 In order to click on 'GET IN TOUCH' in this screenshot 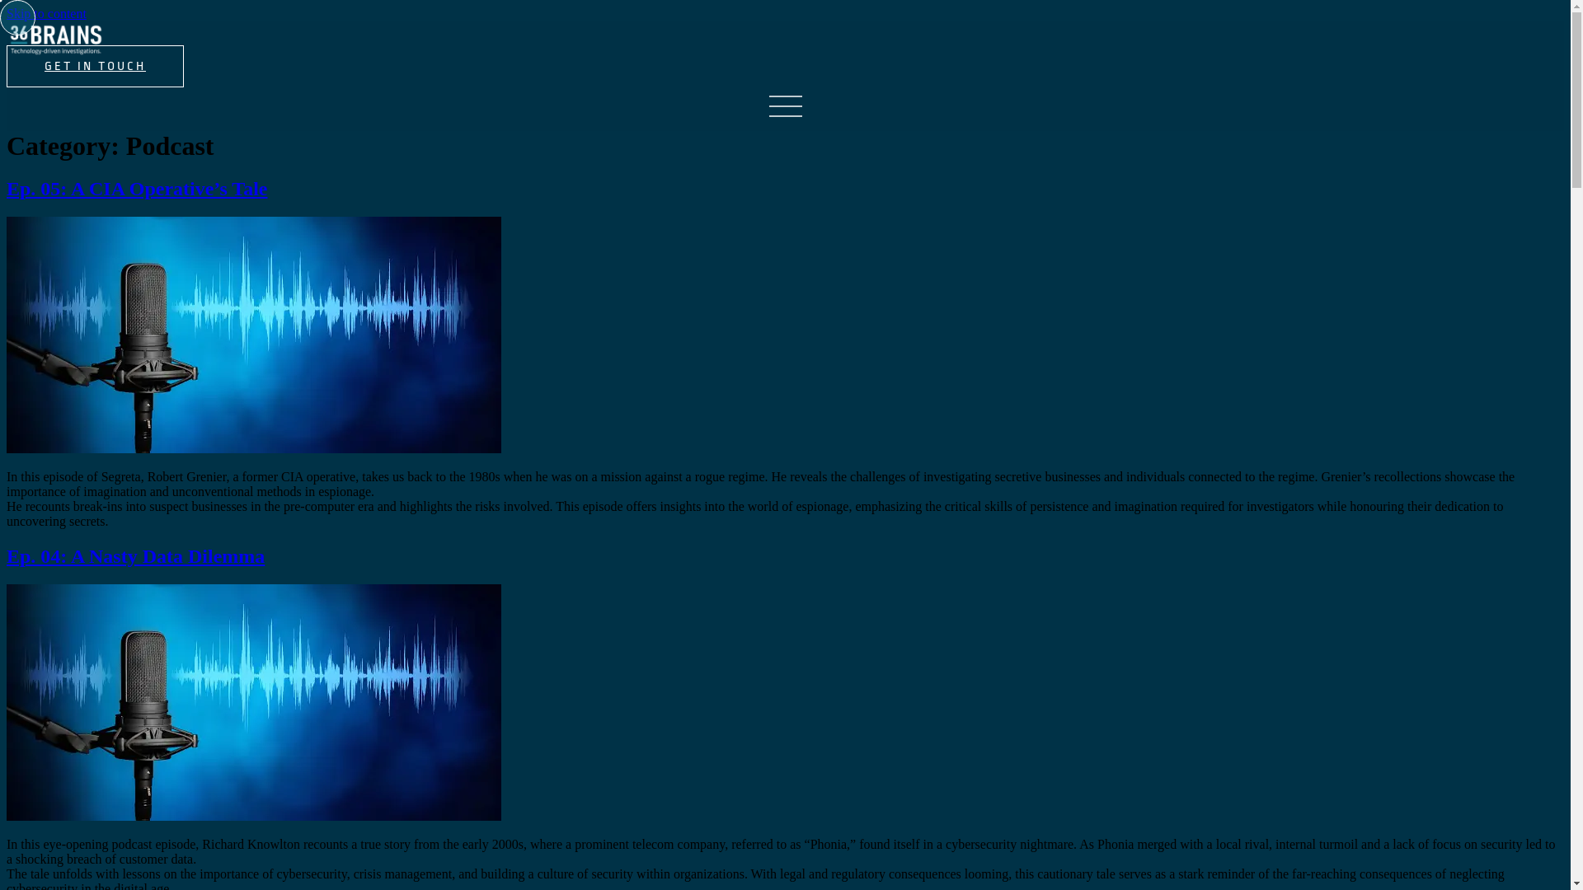, I will do `click(94, 65)`.